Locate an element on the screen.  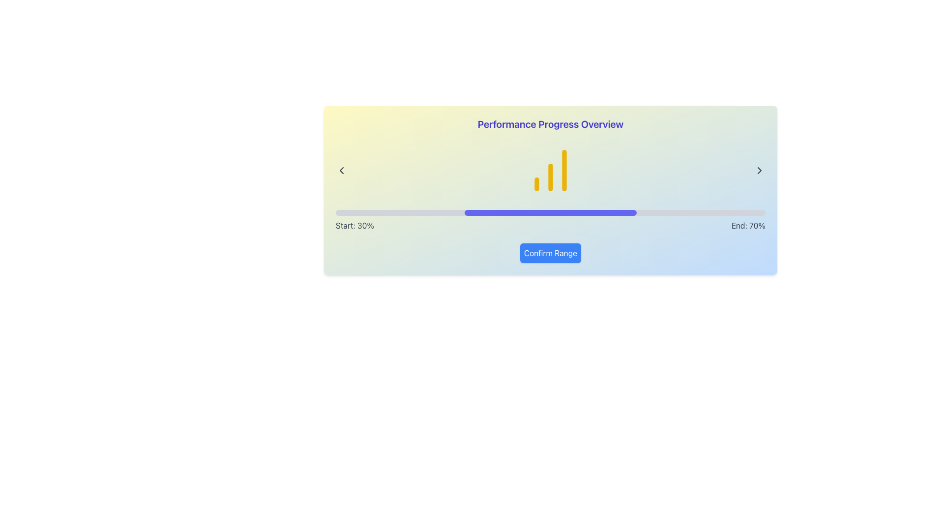
the Data Visualization Panel located beneath the 'Performance Progress Overview' header is located at coordinates (550, 170).